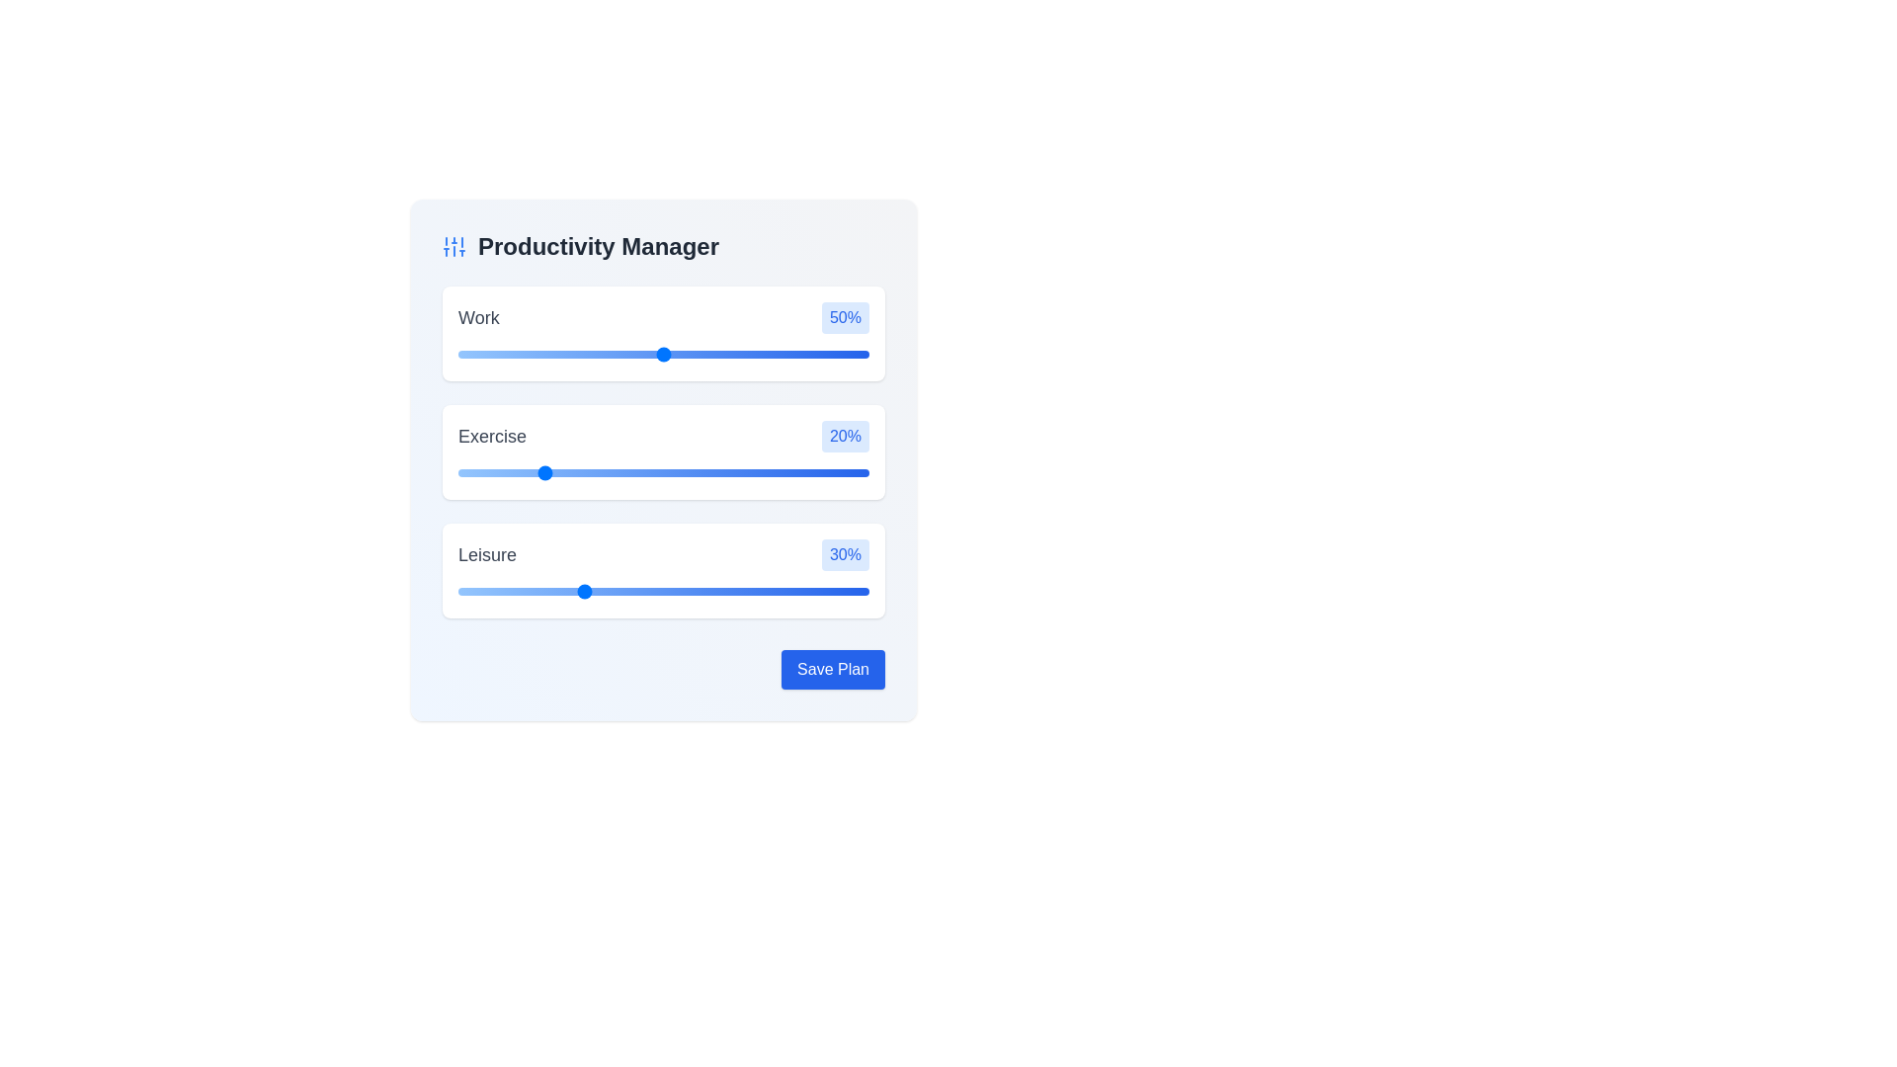 The height and width of the screenshot is (1067, 1897). What do you see at coordinates (833, 669) in the screenshot?
I see `the 'Save Plan' button to finalize the changes` at bounding box center [833, 669].